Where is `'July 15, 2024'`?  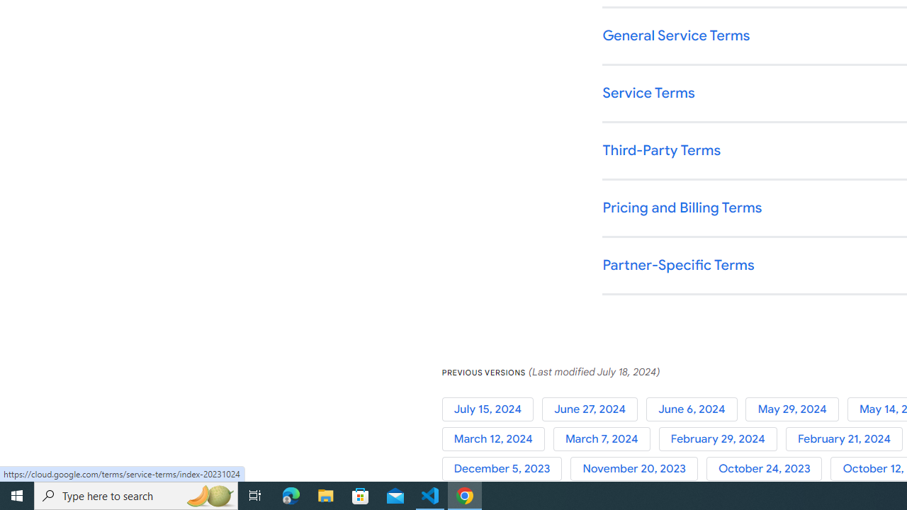 'July 15, 2024' is located at coordinates (492, 409).